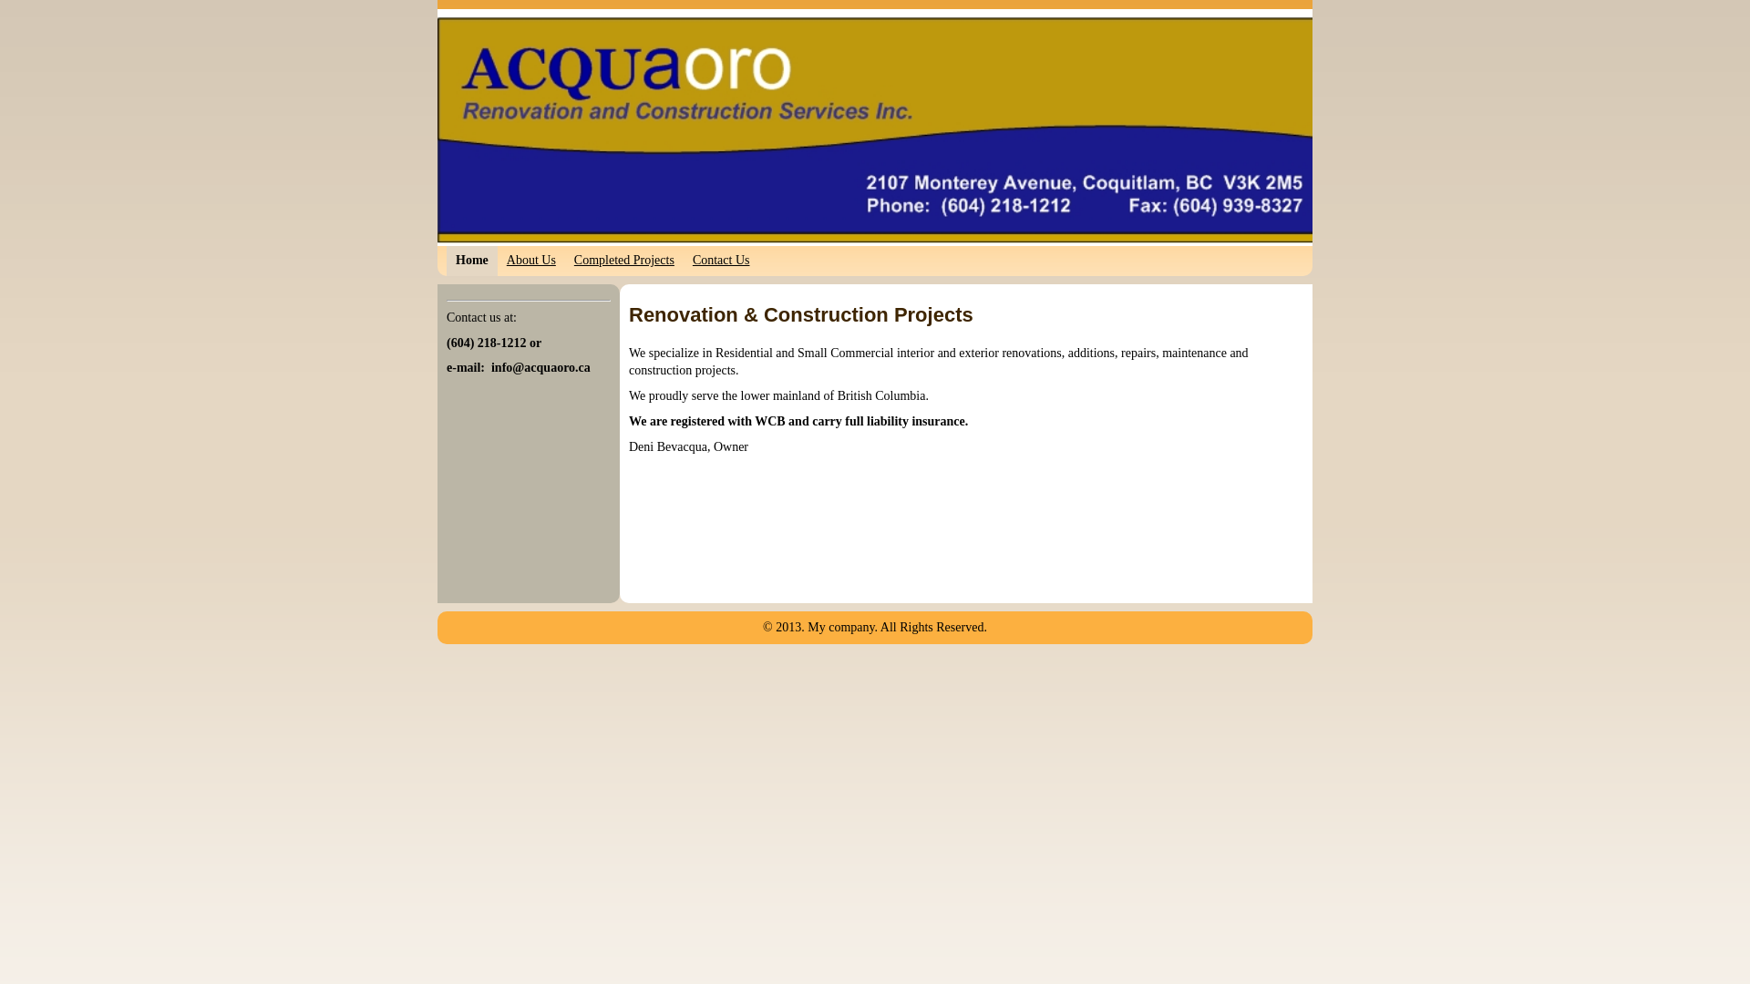 The image size is (1750, 984). What do you see at coordinates (563, 261) in the screenshot?
I see `'Completed Projects'` at bounding box center [563, 261].